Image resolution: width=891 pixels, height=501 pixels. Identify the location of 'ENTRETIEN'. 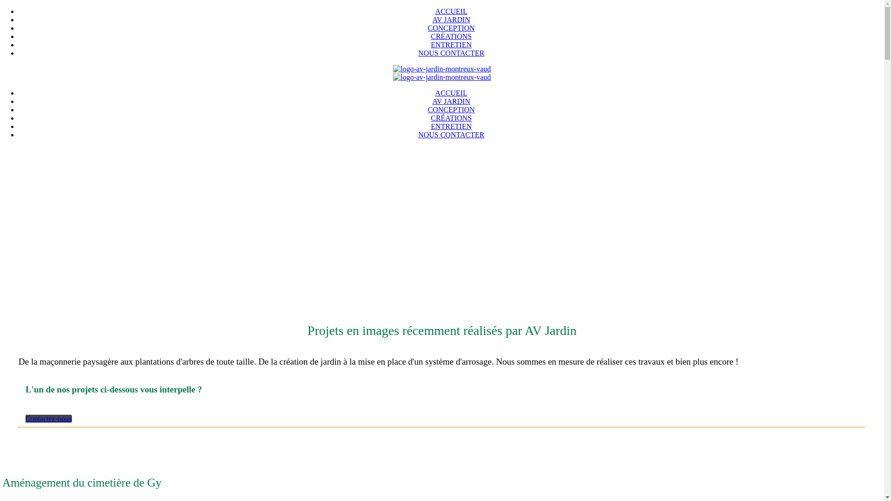
(451, 45).